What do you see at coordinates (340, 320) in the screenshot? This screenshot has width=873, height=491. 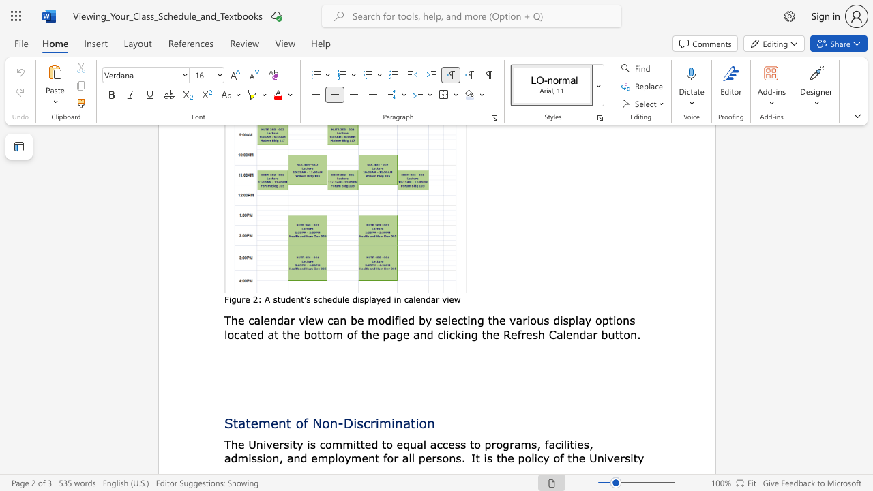 I see `the subset text "n be" within the text "The calendar view can be"` at bounding box center [340, 320].